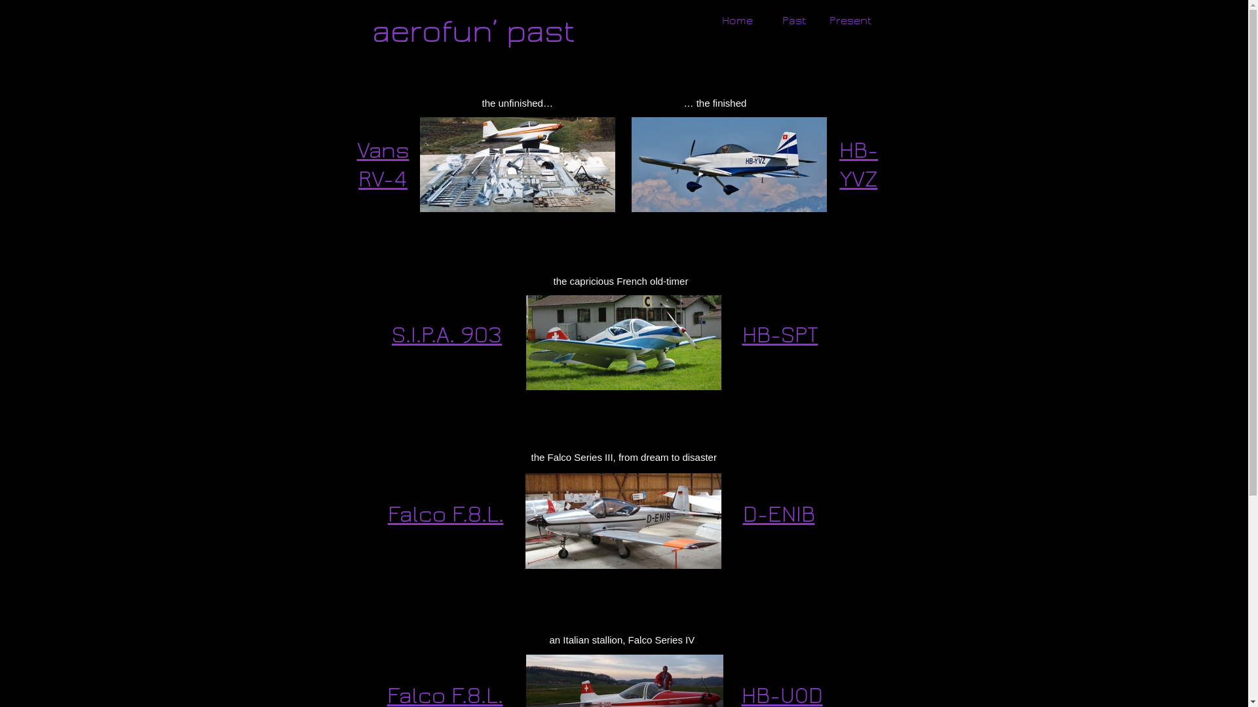 The image size is (1258, 707). What do you see at coordinates (858, 150) in the screenshot?
I see `'HB-'` at bounding box center [858, 150].